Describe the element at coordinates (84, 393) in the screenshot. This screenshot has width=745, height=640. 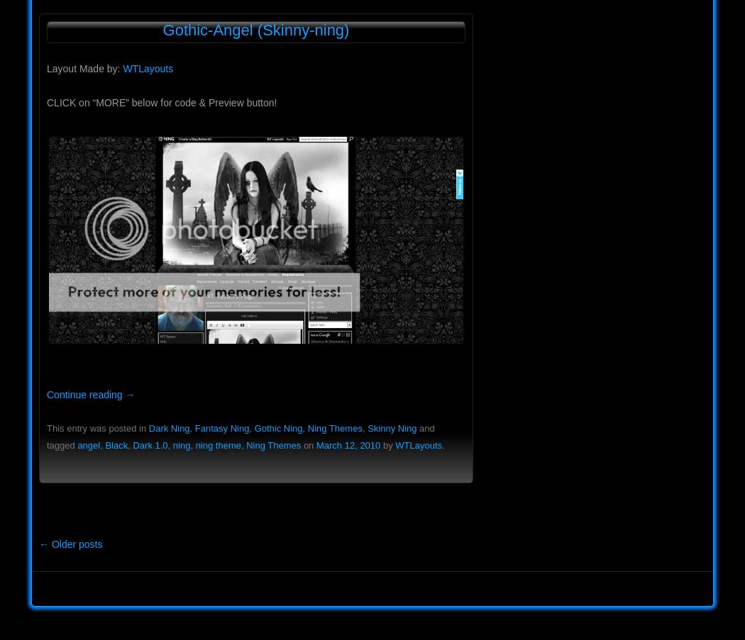
I see `'Continue reading'` at that location.